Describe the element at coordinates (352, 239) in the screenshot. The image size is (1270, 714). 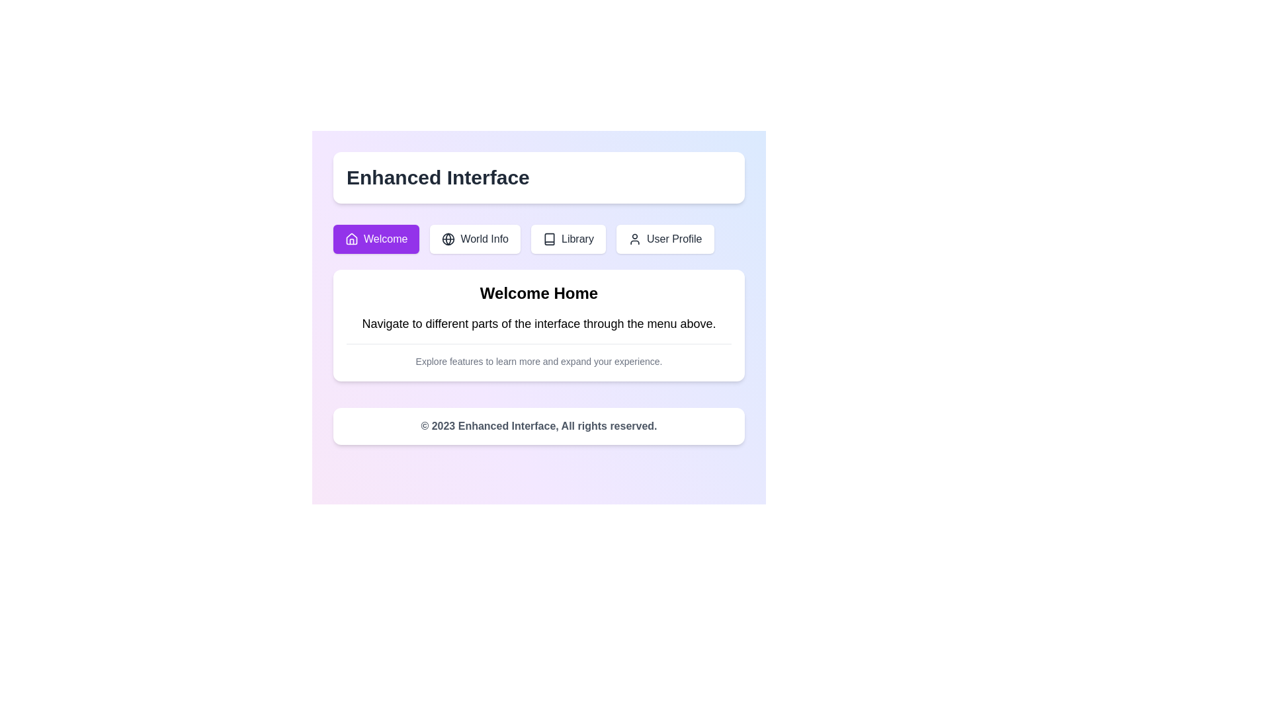
I see `the visual state of the house icon, which is a thinly stroked SVG representation located within a purple button labeled 'Welcome'` at that location.